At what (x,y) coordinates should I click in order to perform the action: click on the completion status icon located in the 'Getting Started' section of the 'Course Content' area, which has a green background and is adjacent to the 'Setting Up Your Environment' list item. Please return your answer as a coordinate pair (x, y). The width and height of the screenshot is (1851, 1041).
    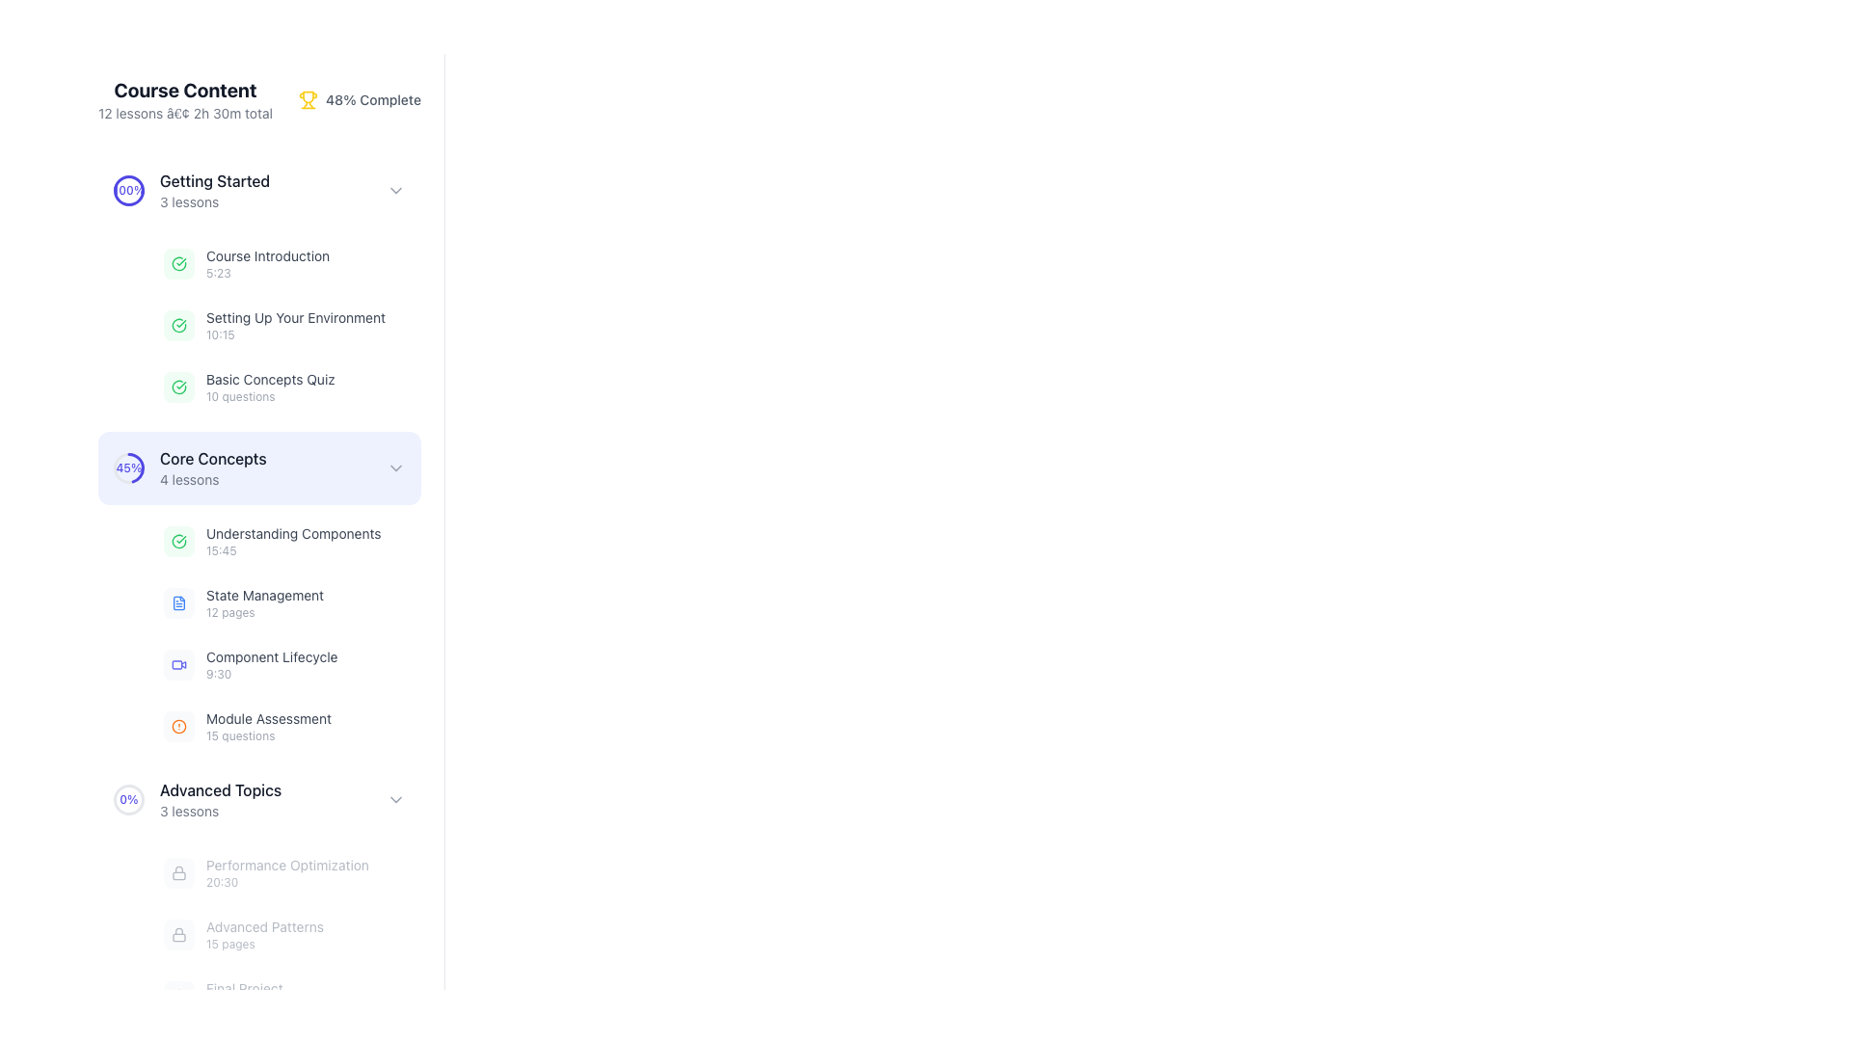
    Looking at the image, I should click on (179, 263).